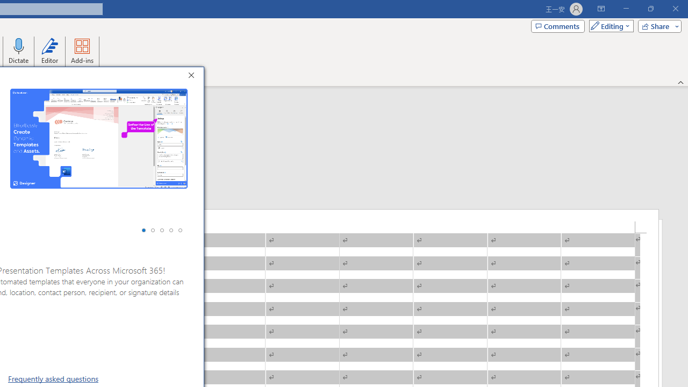 The image size is (688, 387). What do you see at coordinates (53, 378) in the screenshot?
I see `'Frequently asked questions'` at bounding box center [53, 378].